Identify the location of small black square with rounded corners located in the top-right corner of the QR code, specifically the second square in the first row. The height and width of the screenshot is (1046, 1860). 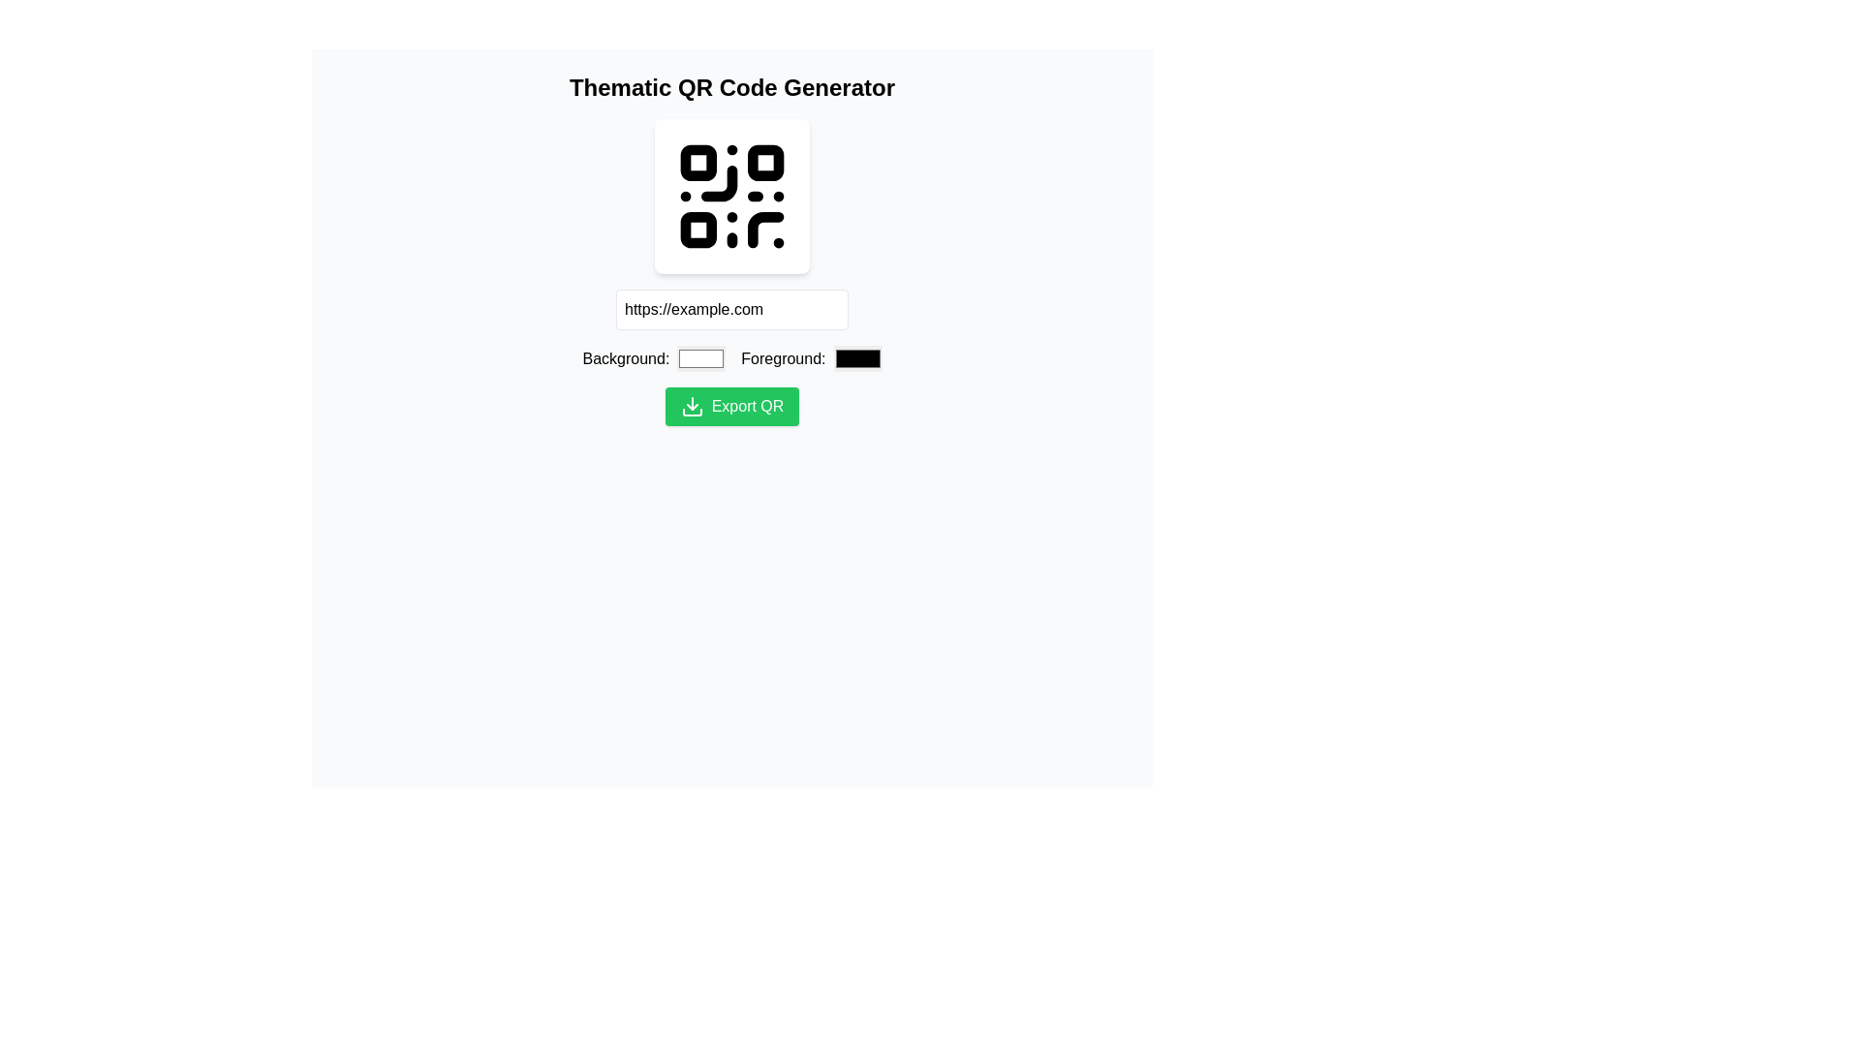
(764, 162).